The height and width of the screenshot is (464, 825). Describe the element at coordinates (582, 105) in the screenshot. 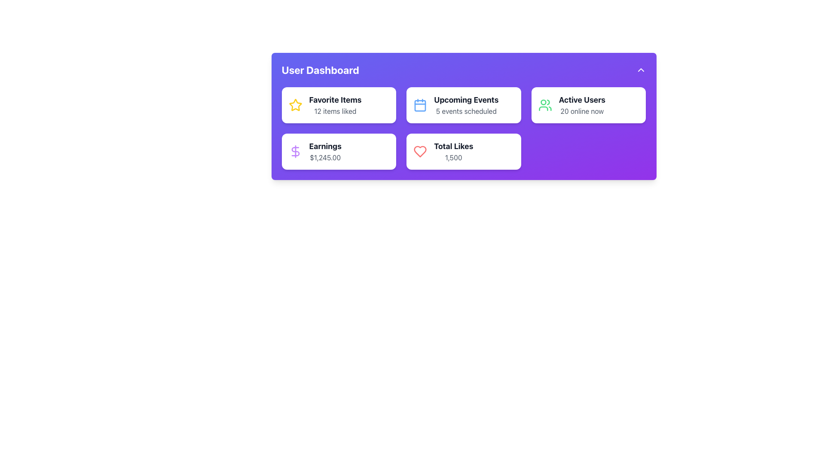

I see `the 'Active Users' text display element, which shows '20 online now' in the top-right corner of the card grid layout` at that location.